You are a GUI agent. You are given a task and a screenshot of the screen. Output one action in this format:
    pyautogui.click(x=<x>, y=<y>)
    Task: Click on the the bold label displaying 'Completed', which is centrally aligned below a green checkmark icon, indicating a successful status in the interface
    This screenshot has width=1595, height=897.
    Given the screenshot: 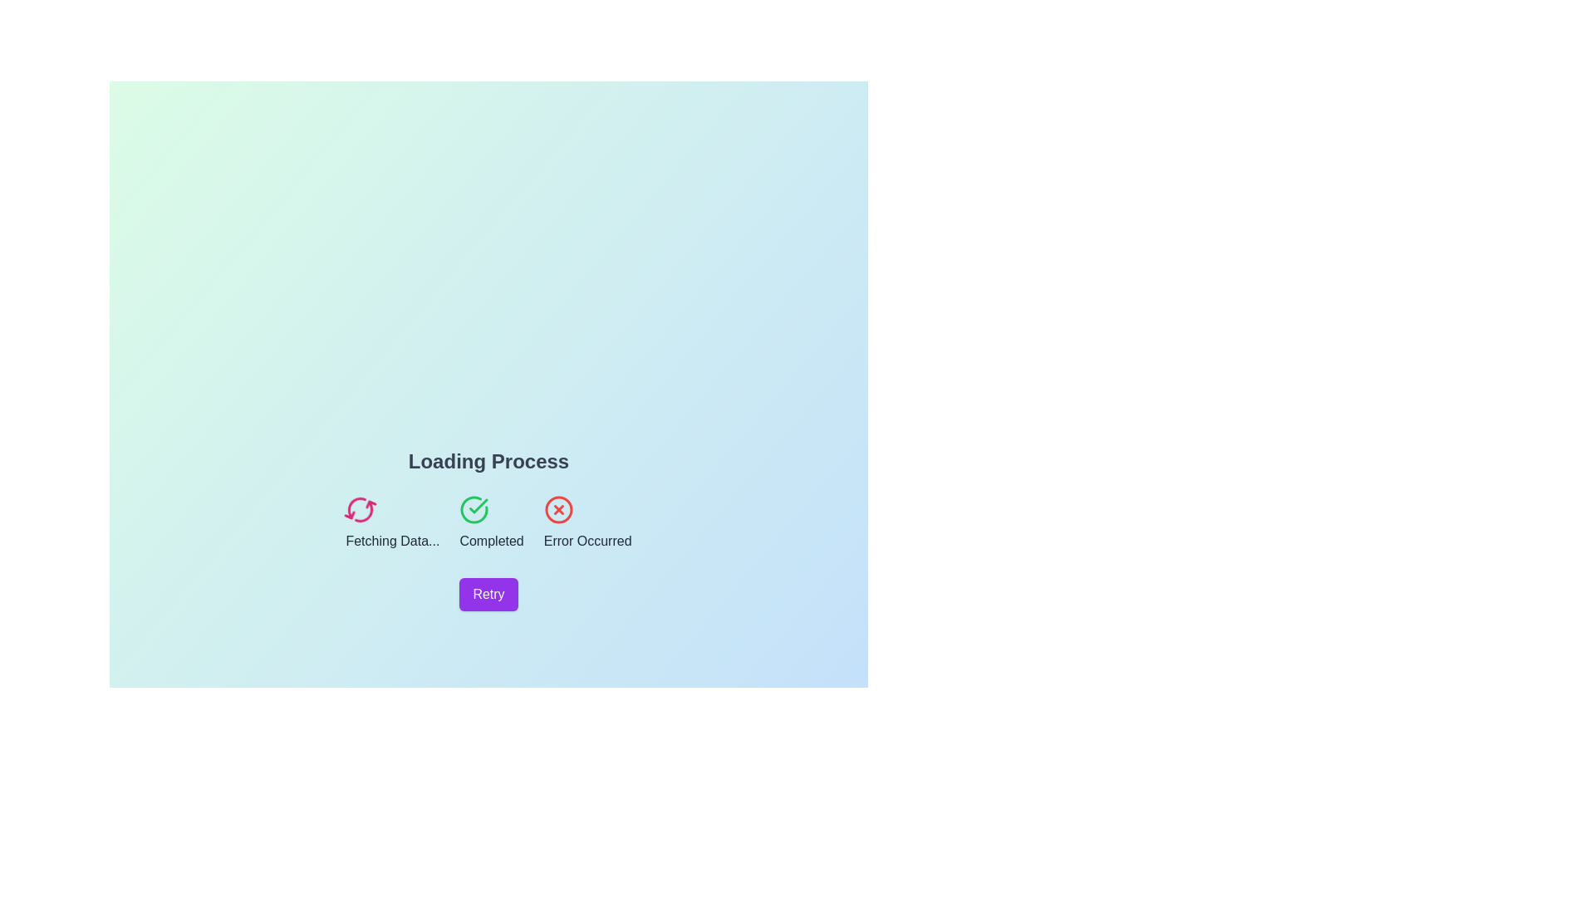 What is the action you would take?
    pyautogui.click(x=491, y=541)
    